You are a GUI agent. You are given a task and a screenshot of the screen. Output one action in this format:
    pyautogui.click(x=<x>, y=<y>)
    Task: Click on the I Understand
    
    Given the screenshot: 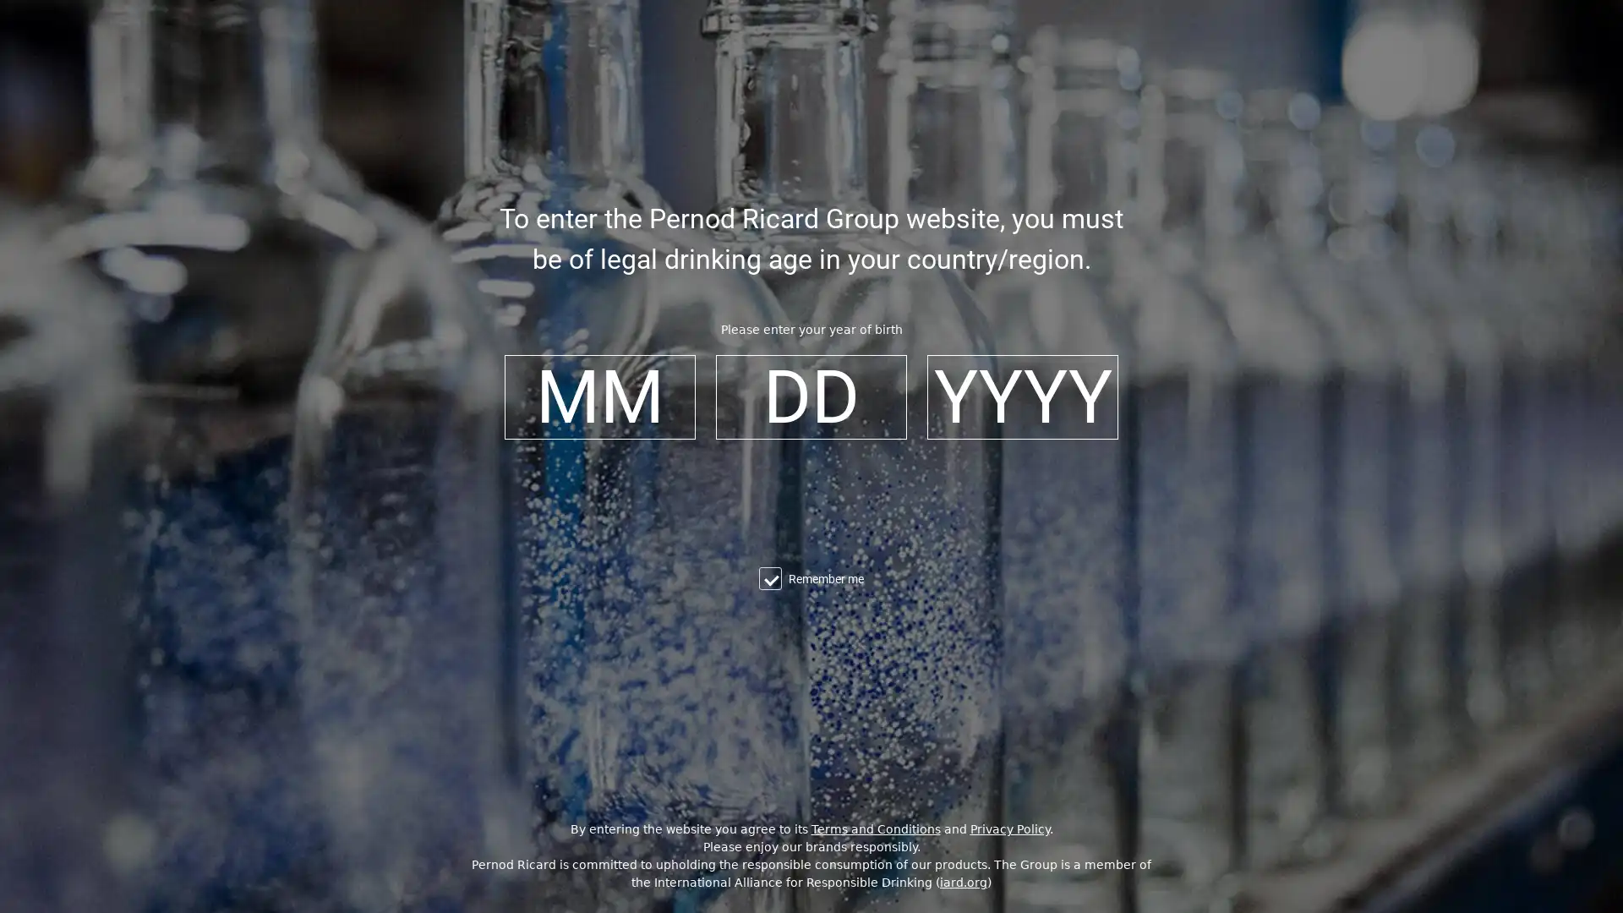 What is the action you would take?
    pyautogui.click(x=815, y=892)
    